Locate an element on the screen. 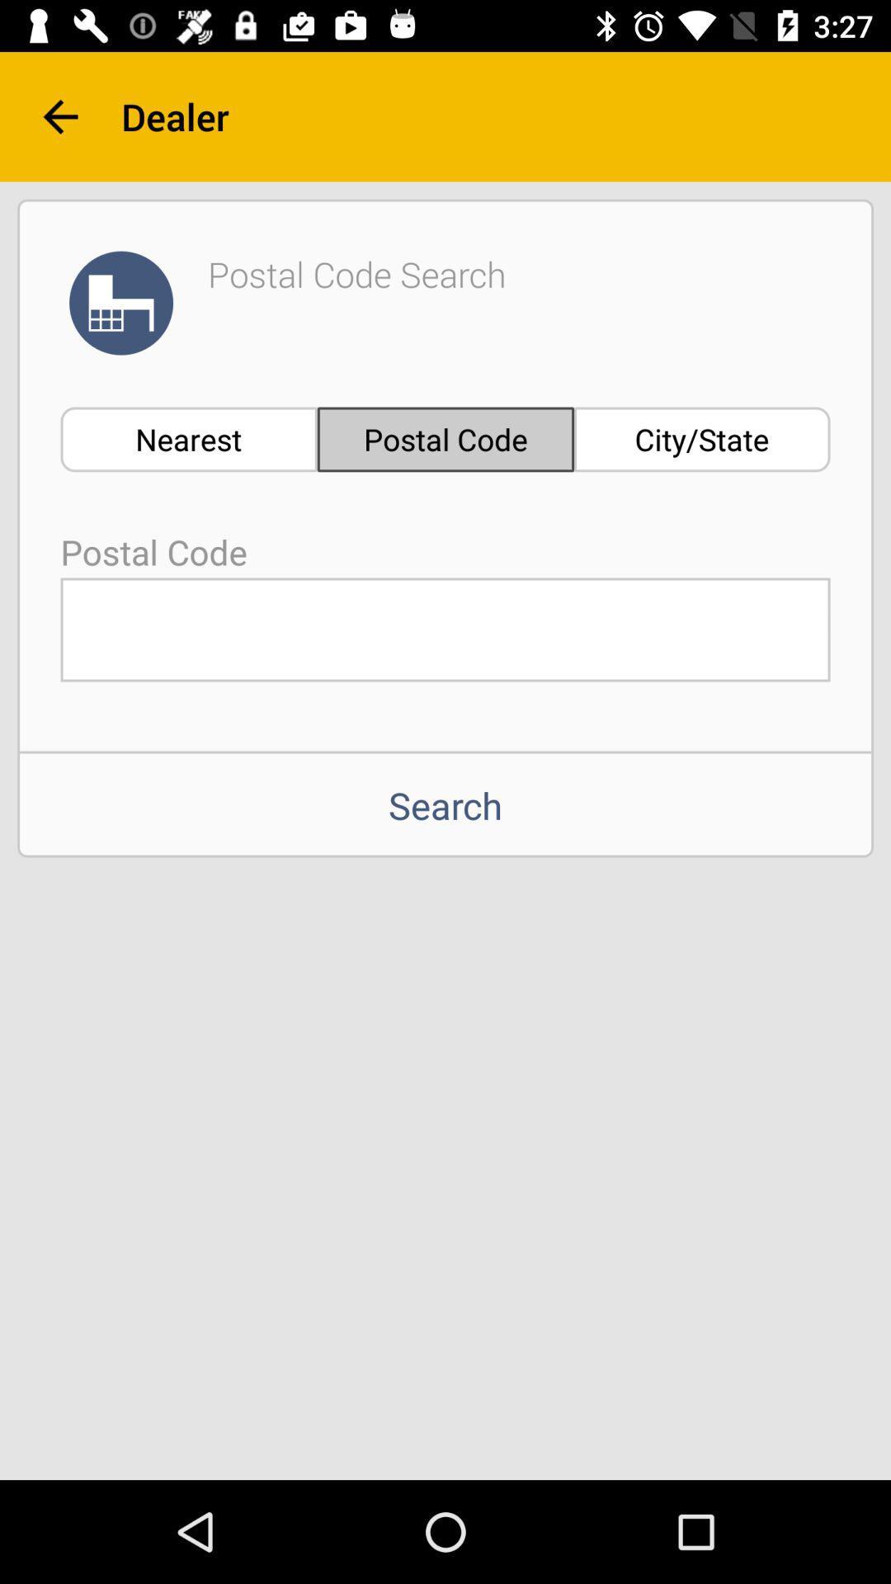 The width and height of the screenshot is (891, 1584). icon to the left of the postal code item is located at coordinates (188, 439).